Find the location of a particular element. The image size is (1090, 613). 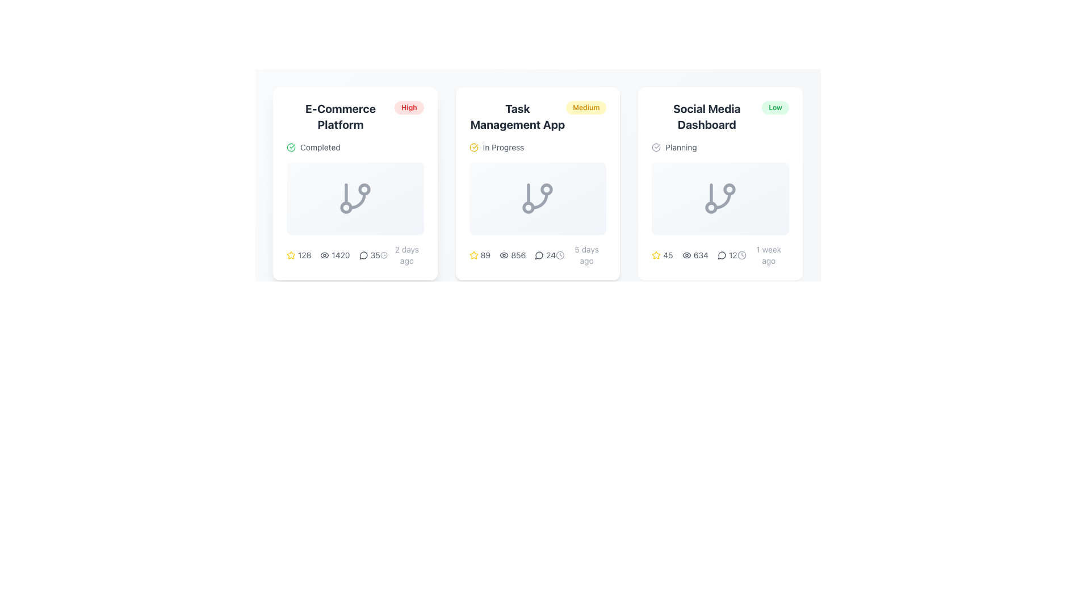

the static text label that displays the status "In Progress" located to the right of the circular check icon with a yellow accent in the central card of the "Task Management App." is located at coordinates (503, 146).